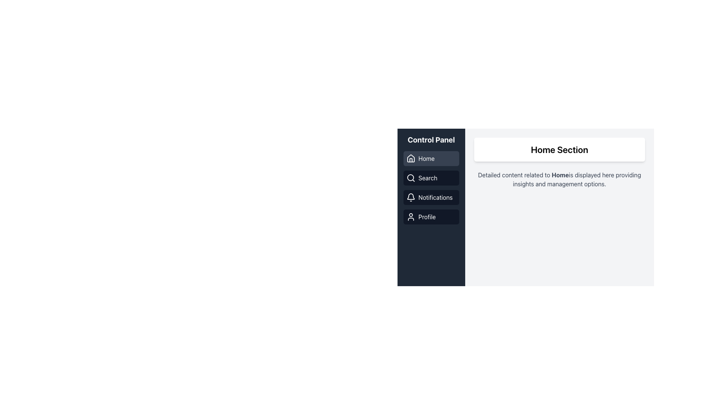 This screenshot has height=404, width=718. I want to click on the title text label located near the top-right of the interface, which serves as a section header for the content related to 'Home', so click(559, 150).